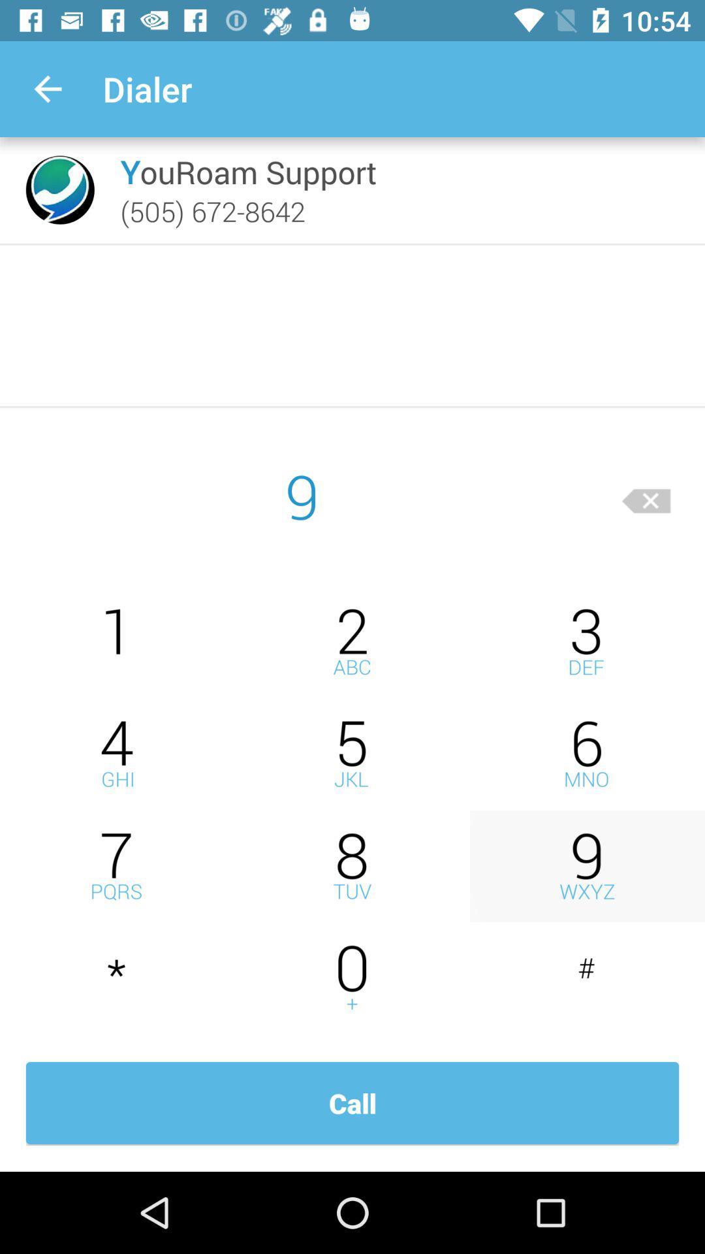  What do you see at coordinates (117, 754) in the screenshot?
I see `number` at bounding box center [117, 754].